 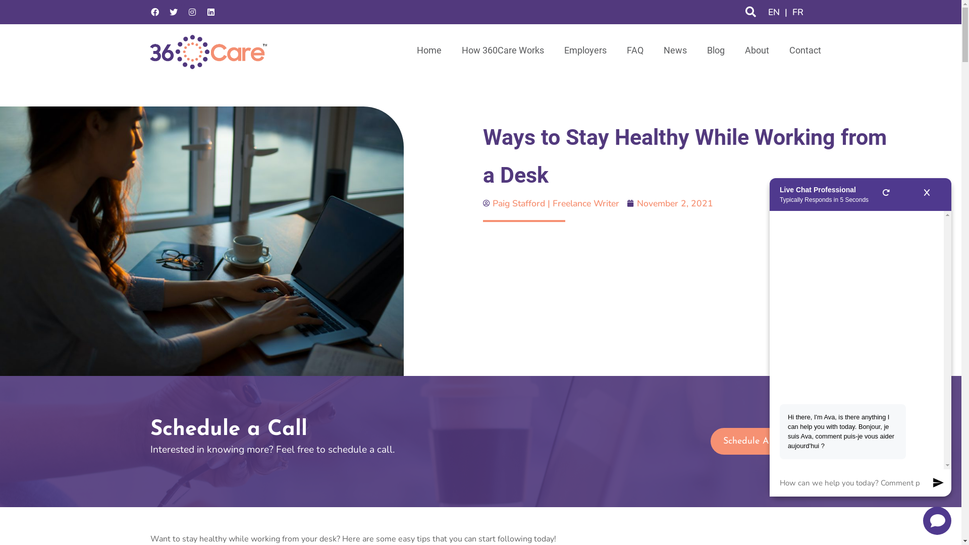 I want to click on '|', so click(x=785, y=12).